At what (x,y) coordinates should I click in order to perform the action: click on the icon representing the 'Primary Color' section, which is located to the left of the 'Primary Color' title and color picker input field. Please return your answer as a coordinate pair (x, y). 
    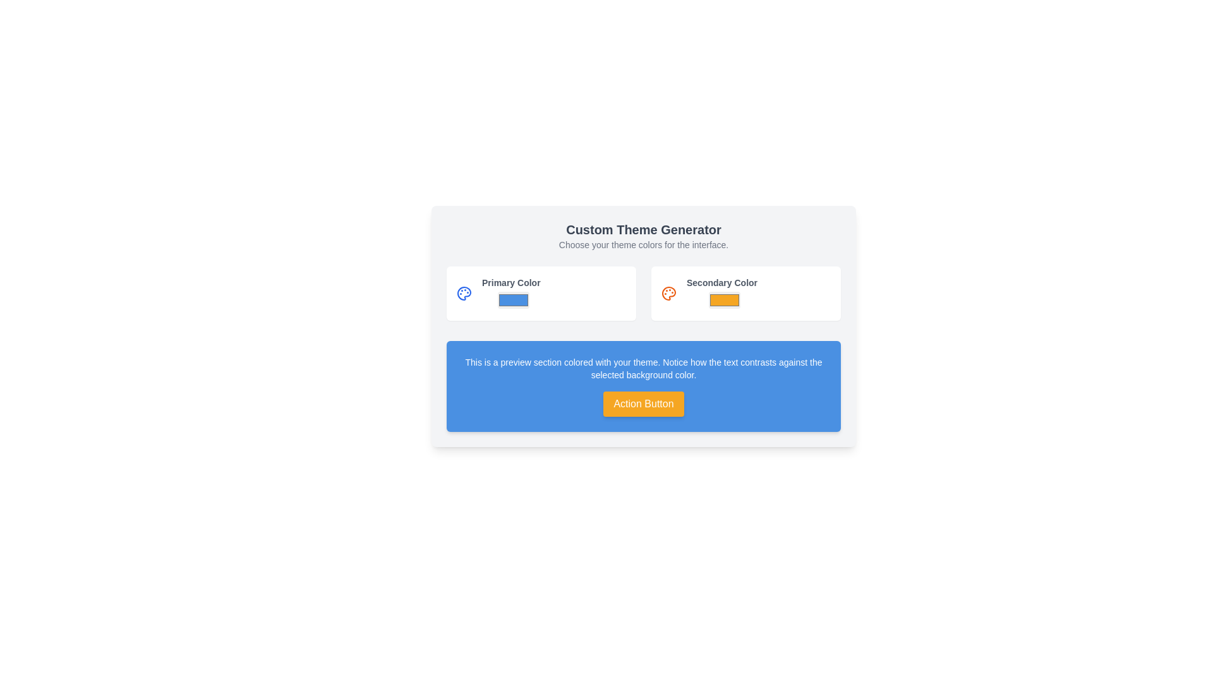
    Looking at the image, I should click on (463, 294).